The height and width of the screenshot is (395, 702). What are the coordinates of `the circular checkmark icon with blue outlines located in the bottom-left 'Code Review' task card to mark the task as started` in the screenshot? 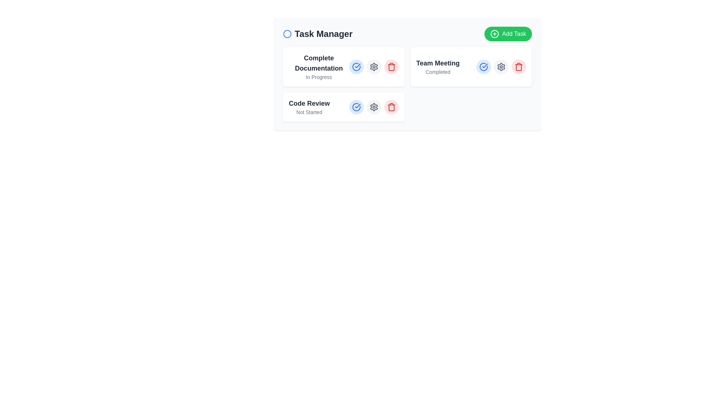 It's located at (356, 67).